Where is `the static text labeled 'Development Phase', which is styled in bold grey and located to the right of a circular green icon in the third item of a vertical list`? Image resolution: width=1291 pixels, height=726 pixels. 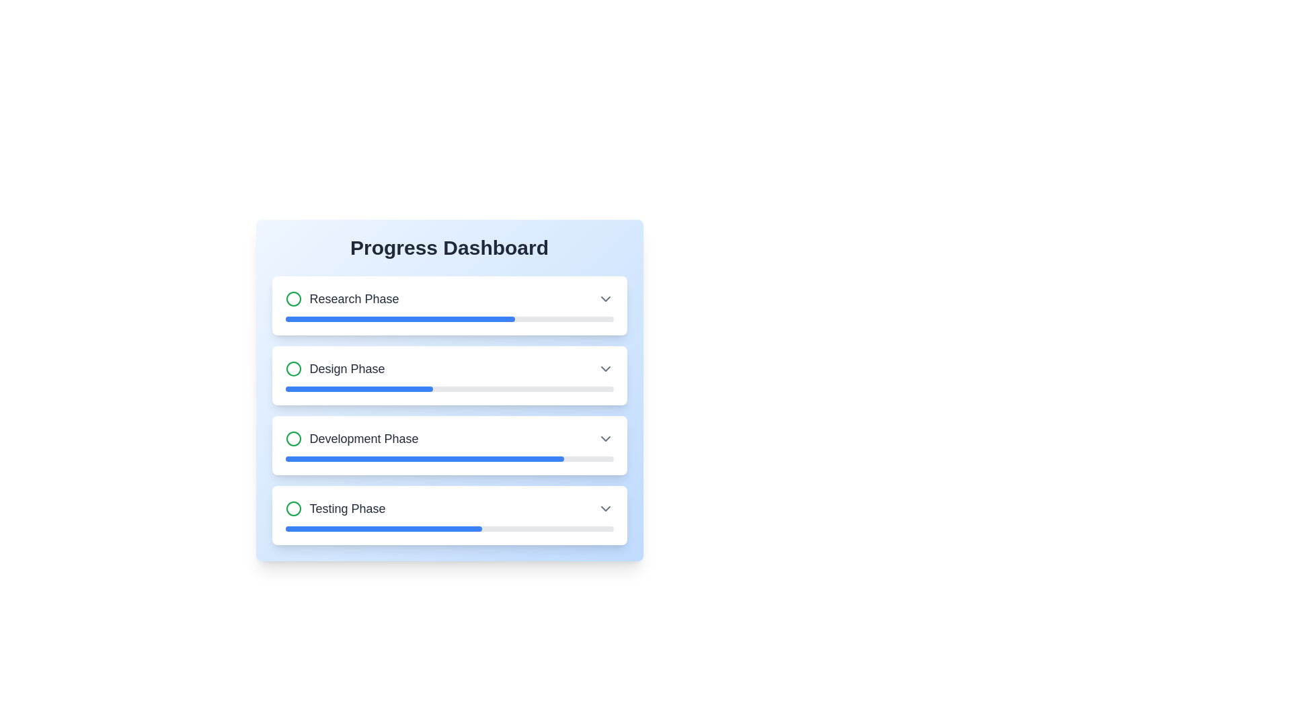
the static text labeled 'Development Phase', which is styled in bold grey and located to the right of a circular green icon in the third item of a vertical list is located at coordinates (364, 438).